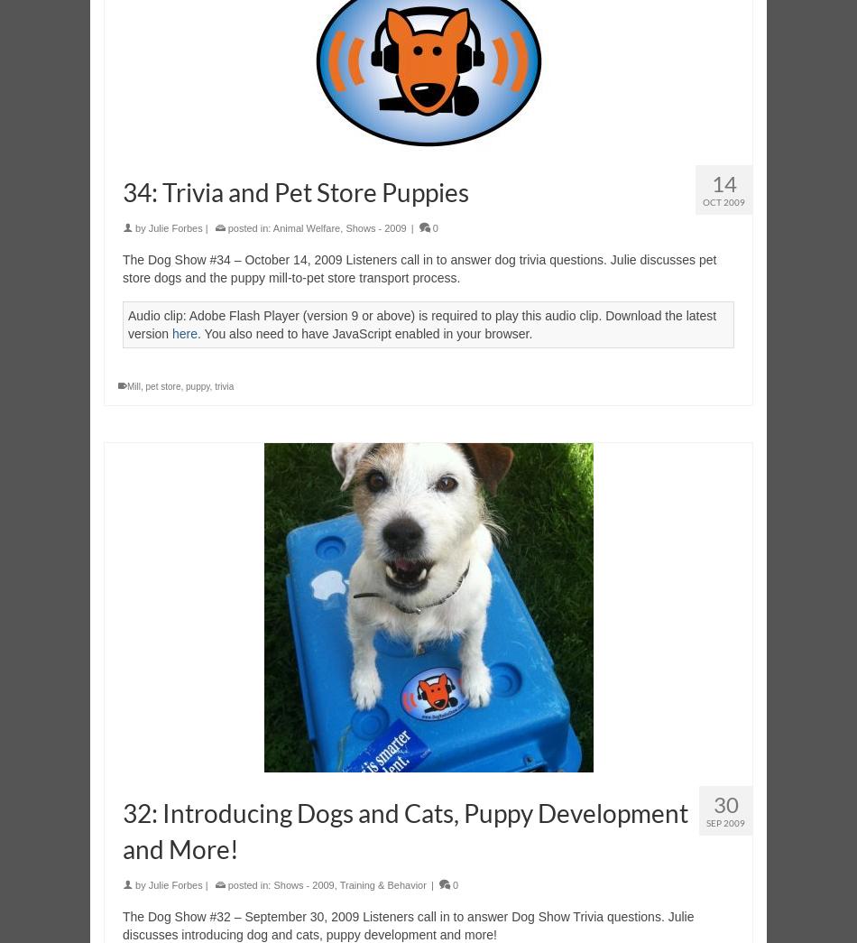  Describe the element at coordinates (364, 333) in the screenshot. I see `'. You also need to have JavaScript enabled in your browser.'` at that location.